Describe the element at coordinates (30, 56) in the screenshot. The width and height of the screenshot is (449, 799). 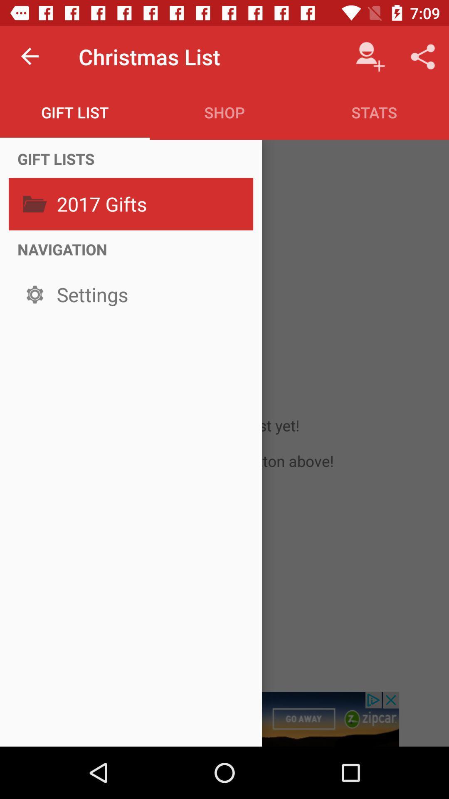
I see `item to the left of the christmas list item` at that location.